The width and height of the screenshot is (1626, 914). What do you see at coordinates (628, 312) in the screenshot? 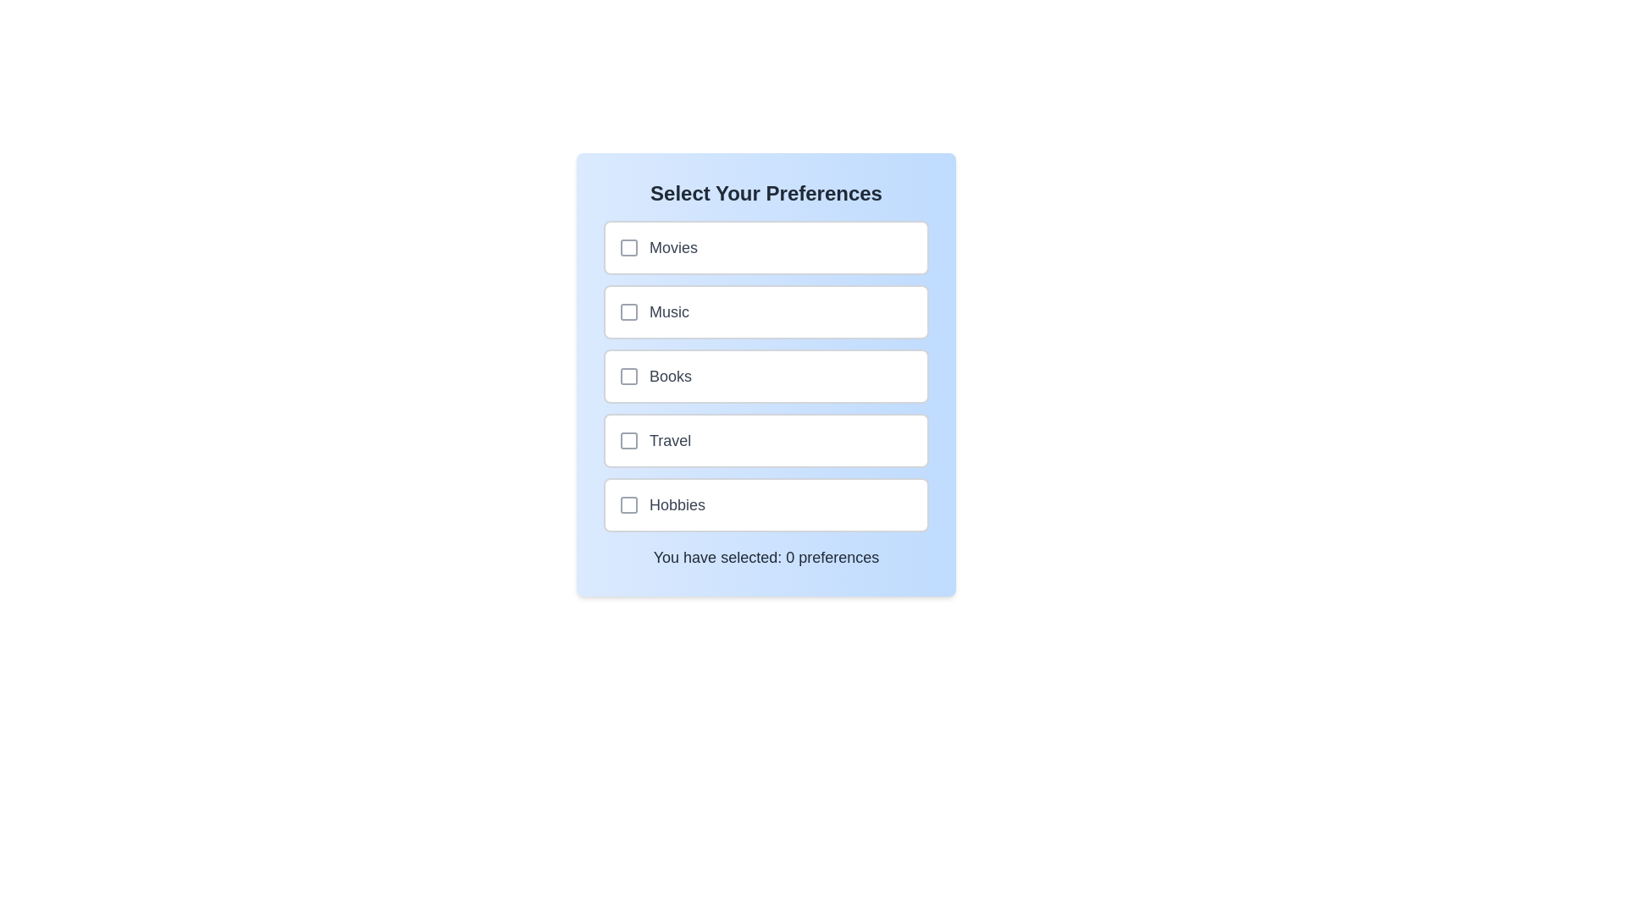
I see `the checkbox corresponding to Music to toggle its selection` at bounding box center [628, 312].